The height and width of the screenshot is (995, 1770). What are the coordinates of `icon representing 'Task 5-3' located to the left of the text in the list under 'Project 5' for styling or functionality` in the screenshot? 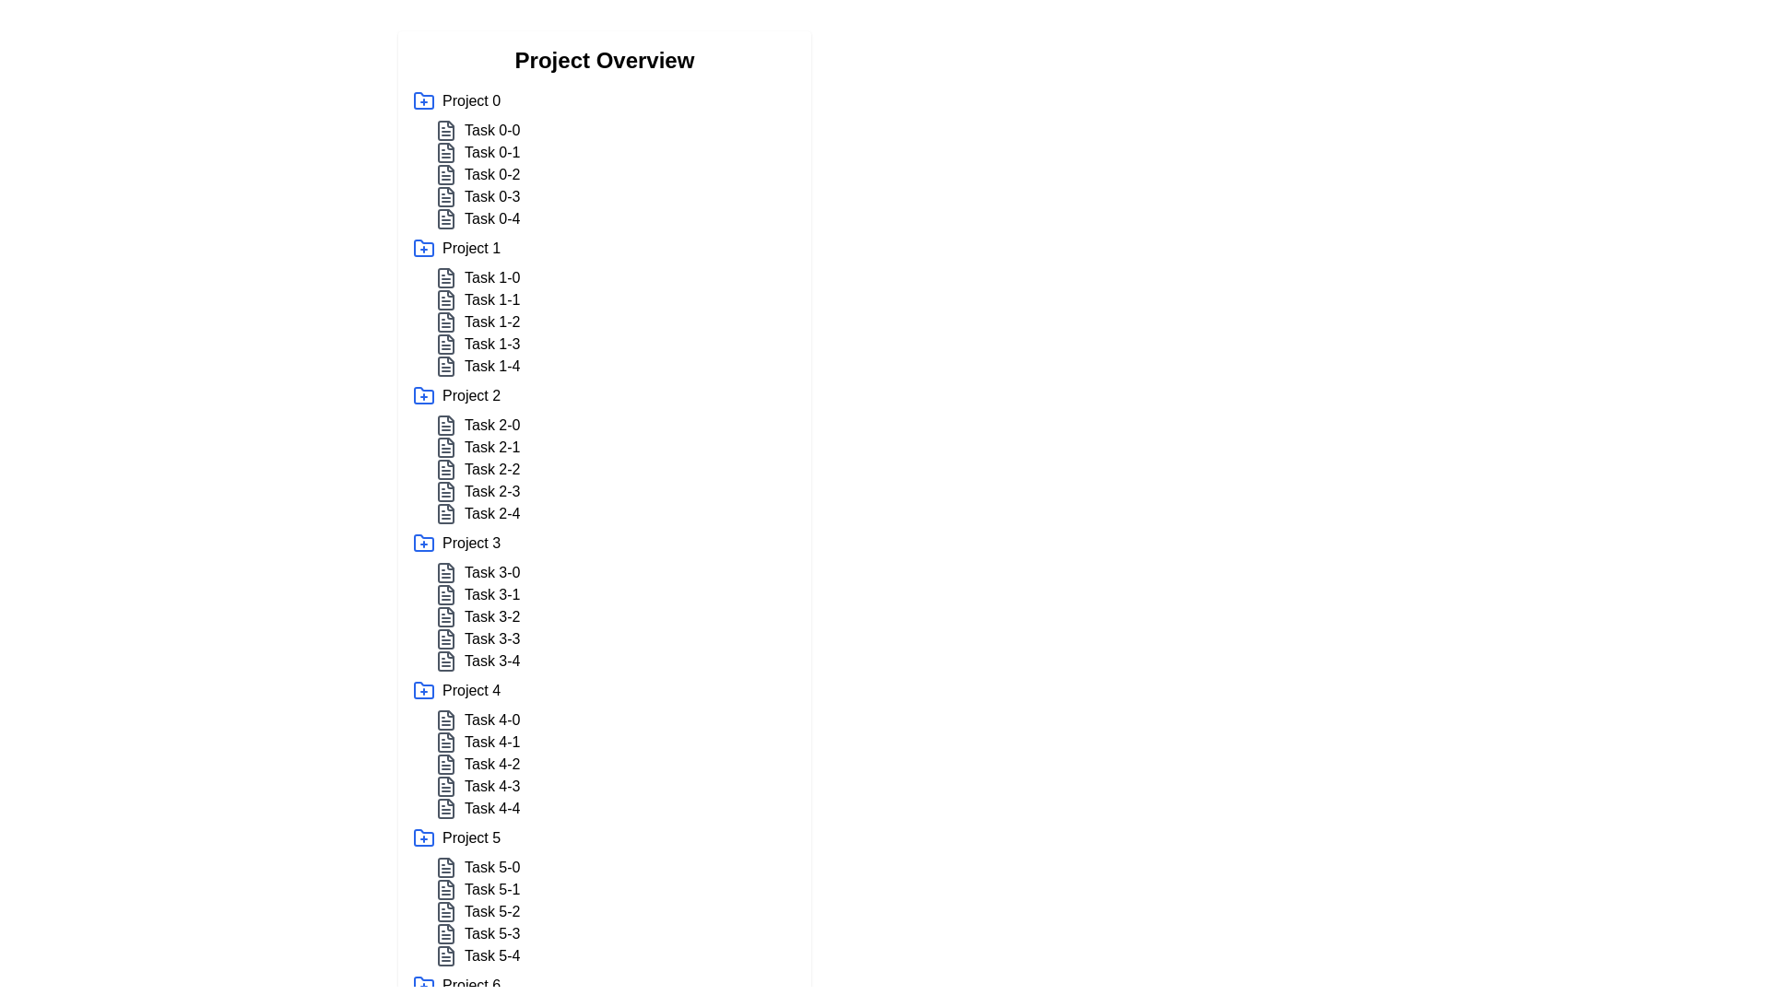 It's located at (446, 934).